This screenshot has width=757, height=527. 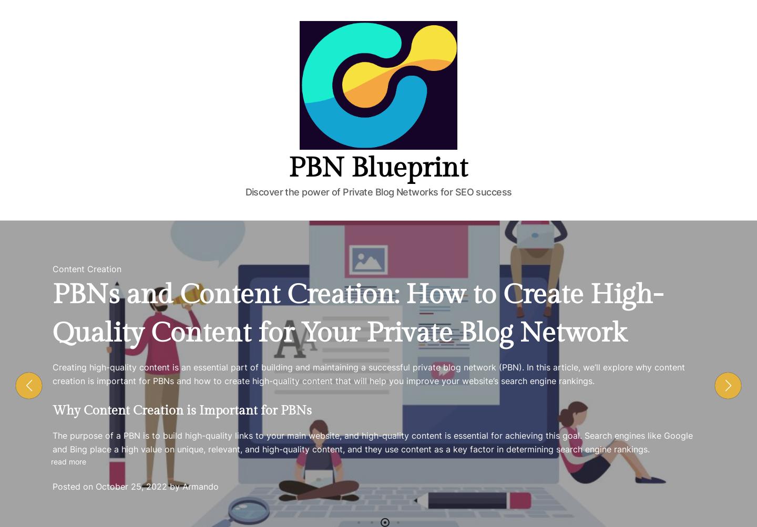 What do you see at coordinates (71, 19) in the screenshot?
I see `'By'` at bounding box center [71, 19].